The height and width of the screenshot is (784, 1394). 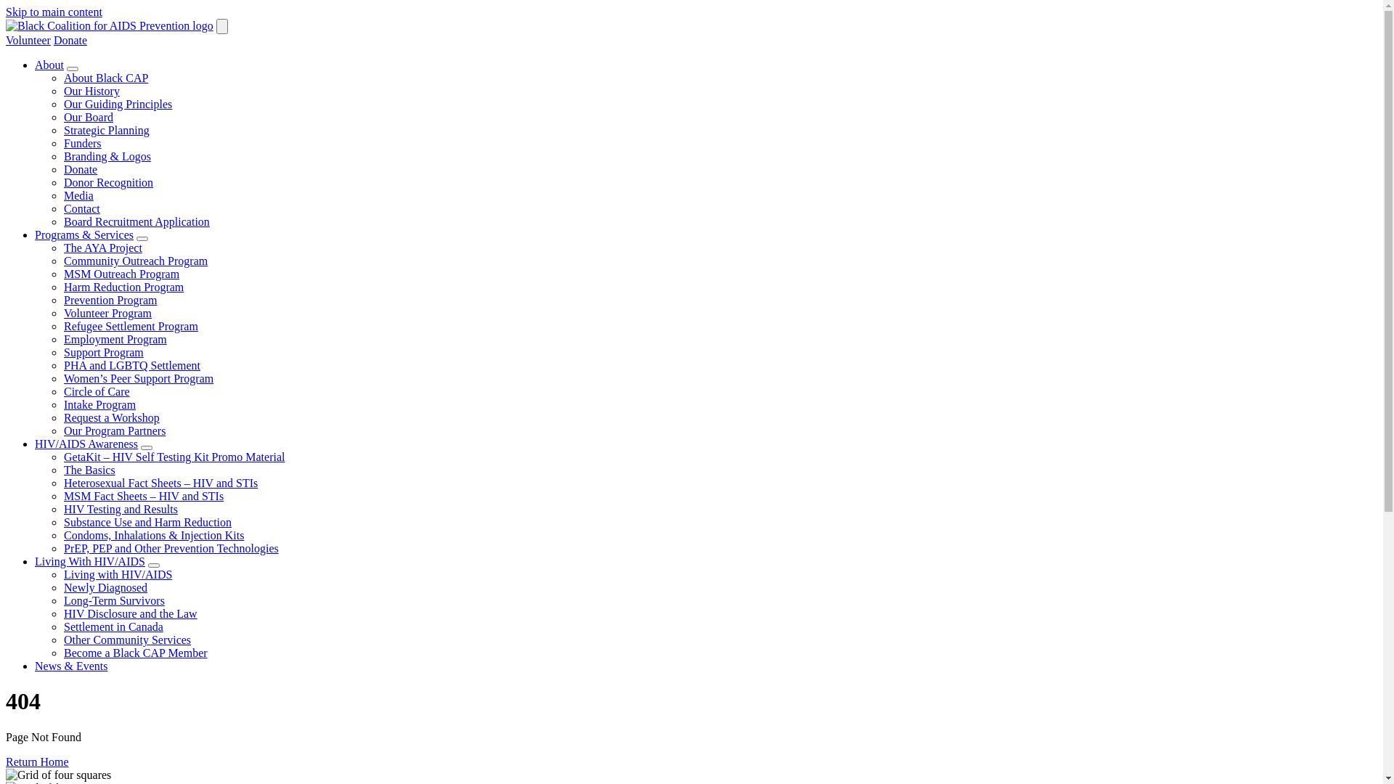 I want to click on 'Our Guiding Principles', so click(x=118, y=103).